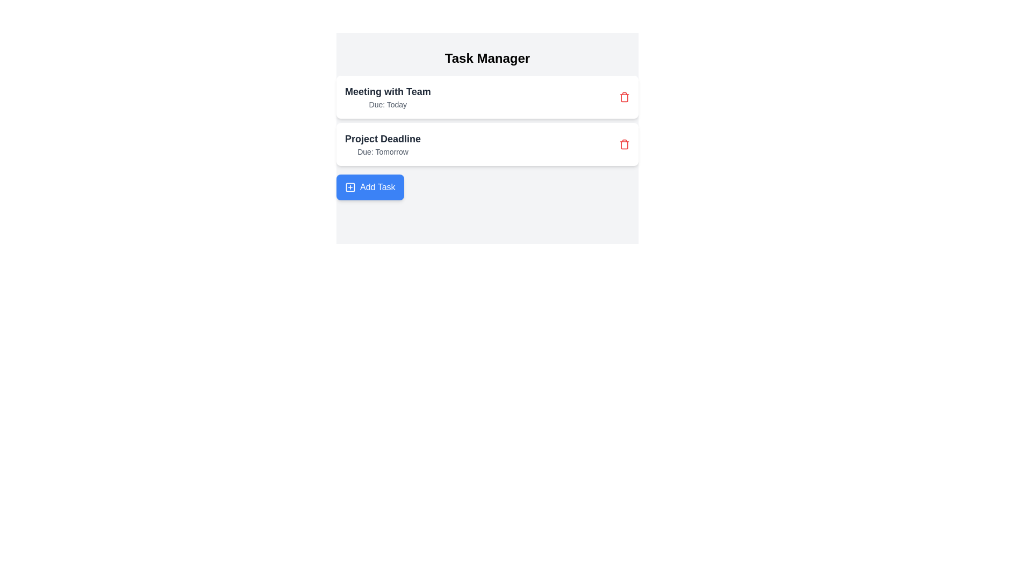 The height and width of the screenshot is (580, 1032). What do you see at coordinates (487, 58) in the screenshot?
I see `the header text element located at the top-center of the interface, which indicates the application's purpose` at bounding box center [487, 58].